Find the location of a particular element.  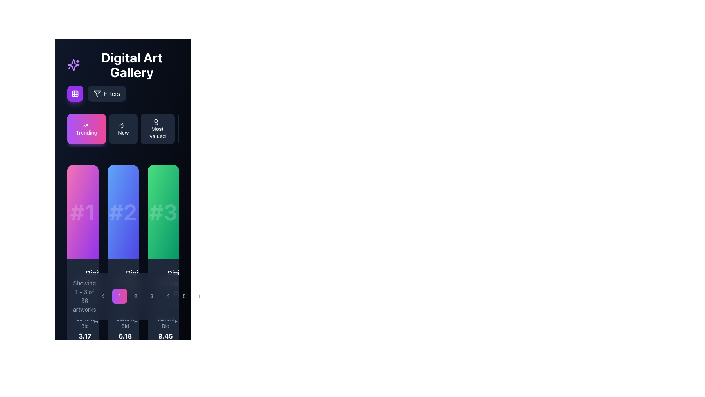

the 'Current Bid' text label, which is styled with a light gray font and positioned above the bidding amount text is located at coordinates (85, 322).